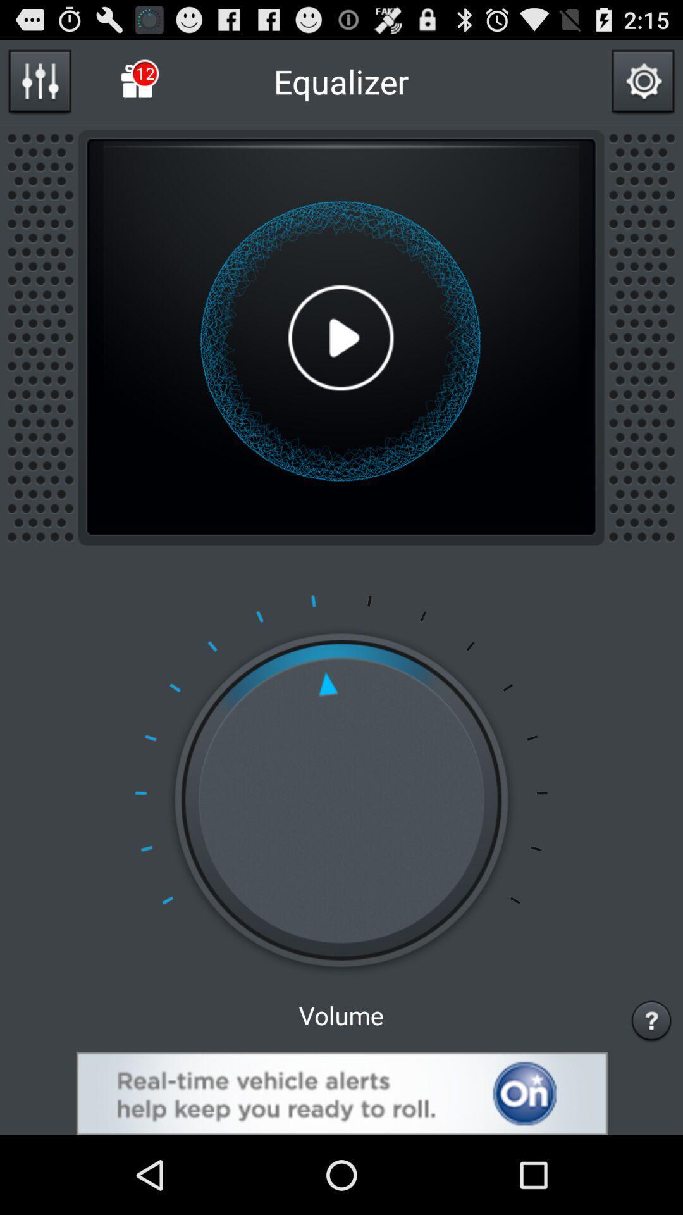 The height and width of the screenshot is (1215, 683). I want to click on advertisement, so click(341, 1093).